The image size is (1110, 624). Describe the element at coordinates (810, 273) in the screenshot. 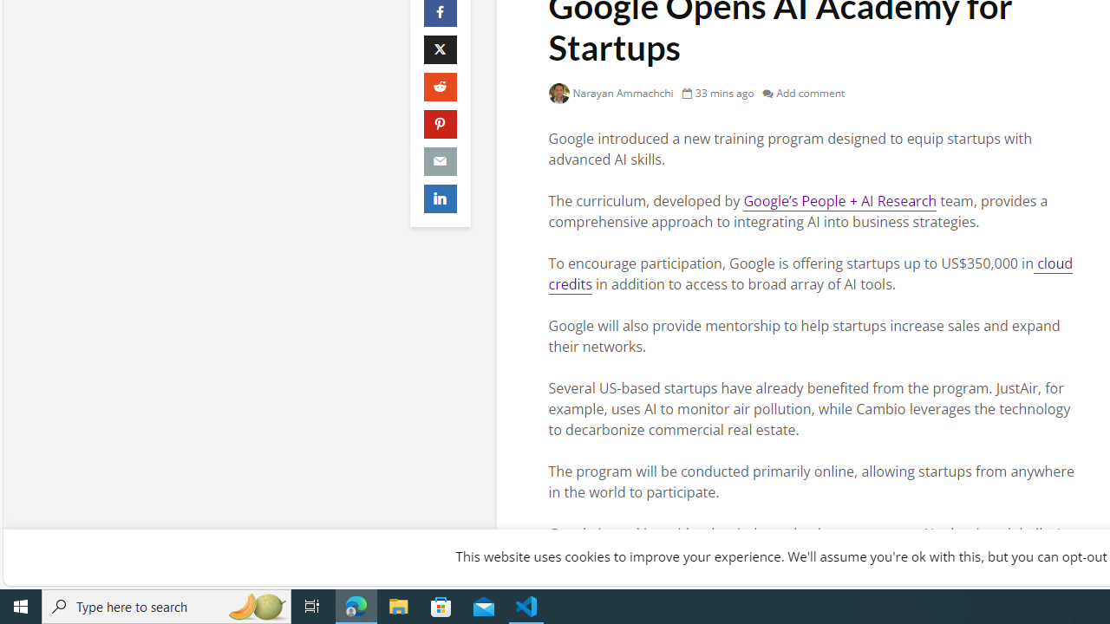

I see `' cloud credits'` at that location.